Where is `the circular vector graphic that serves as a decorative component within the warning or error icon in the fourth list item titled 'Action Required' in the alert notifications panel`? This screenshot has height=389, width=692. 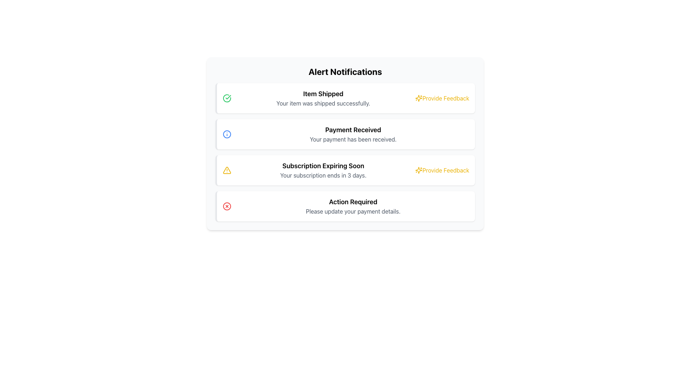 the circular vector graphic that serves as a decorative component within the warning or error icon in the fourth list item titled 'Action Required' in the alert notifications panel is located at coordinates (226, 206).